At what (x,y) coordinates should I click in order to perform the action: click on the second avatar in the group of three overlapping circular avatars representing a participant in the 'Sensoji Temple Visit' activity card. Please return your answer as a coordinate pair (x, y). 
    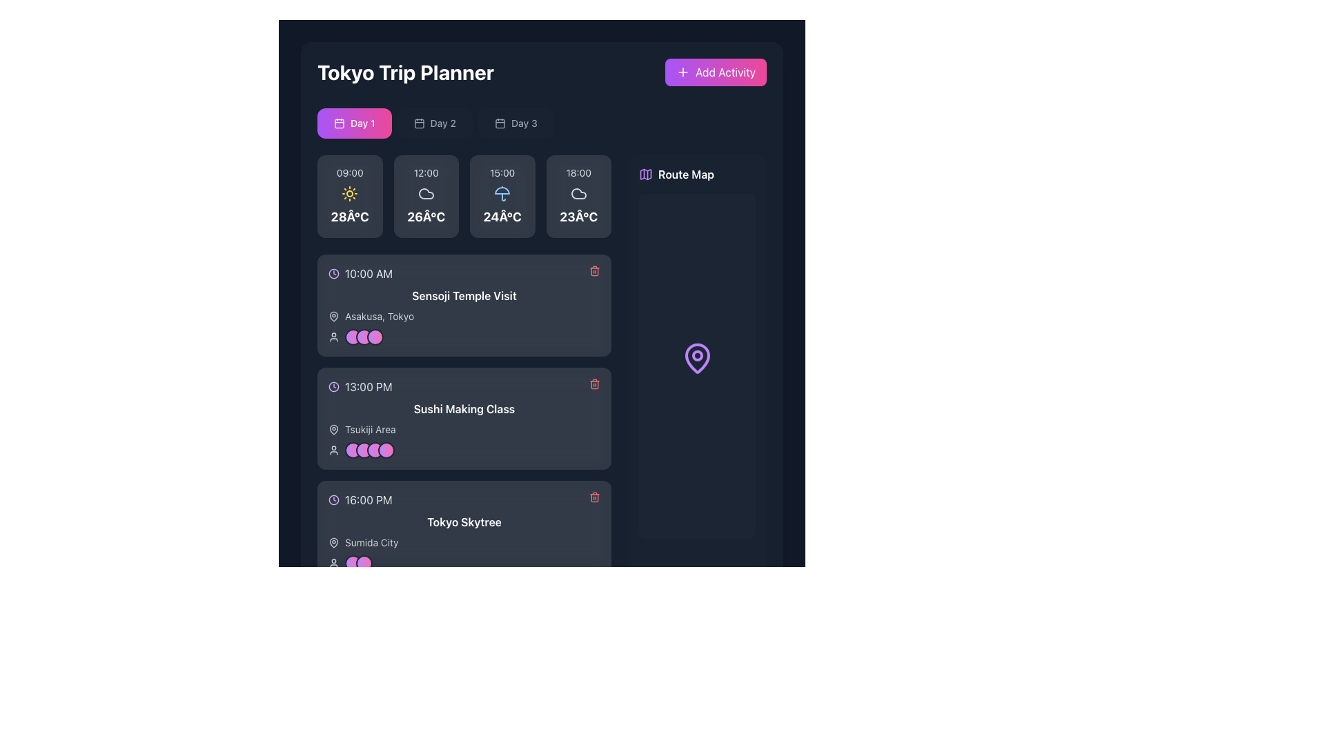
    Looking at the image, I should click on (364, 337).